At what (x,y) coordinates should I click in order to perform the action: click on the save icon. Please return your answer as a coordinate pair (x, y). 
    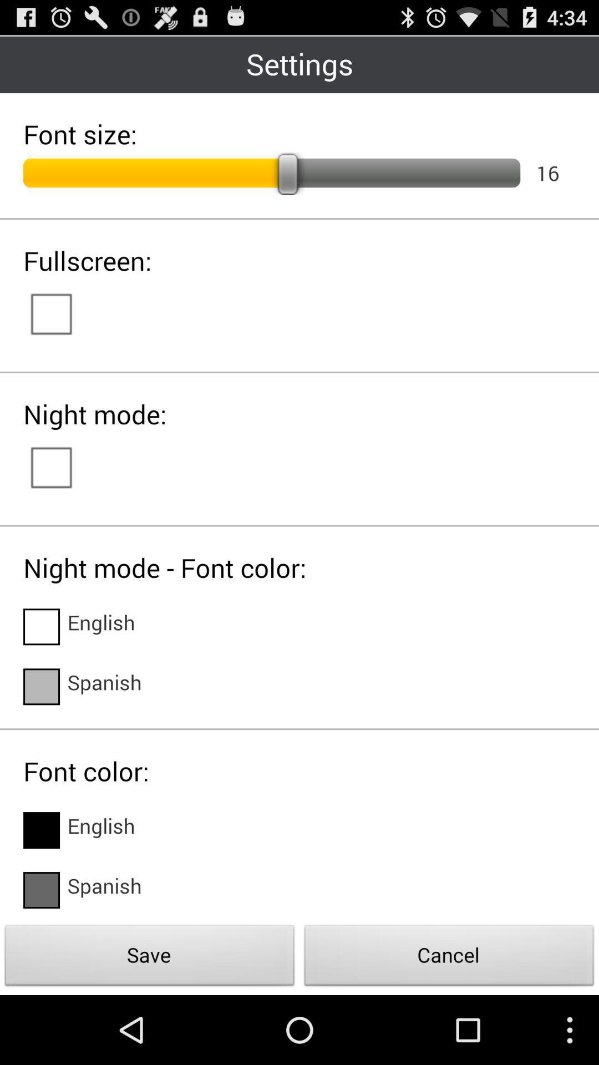
    Looking at the image, I should click on (150, 958).